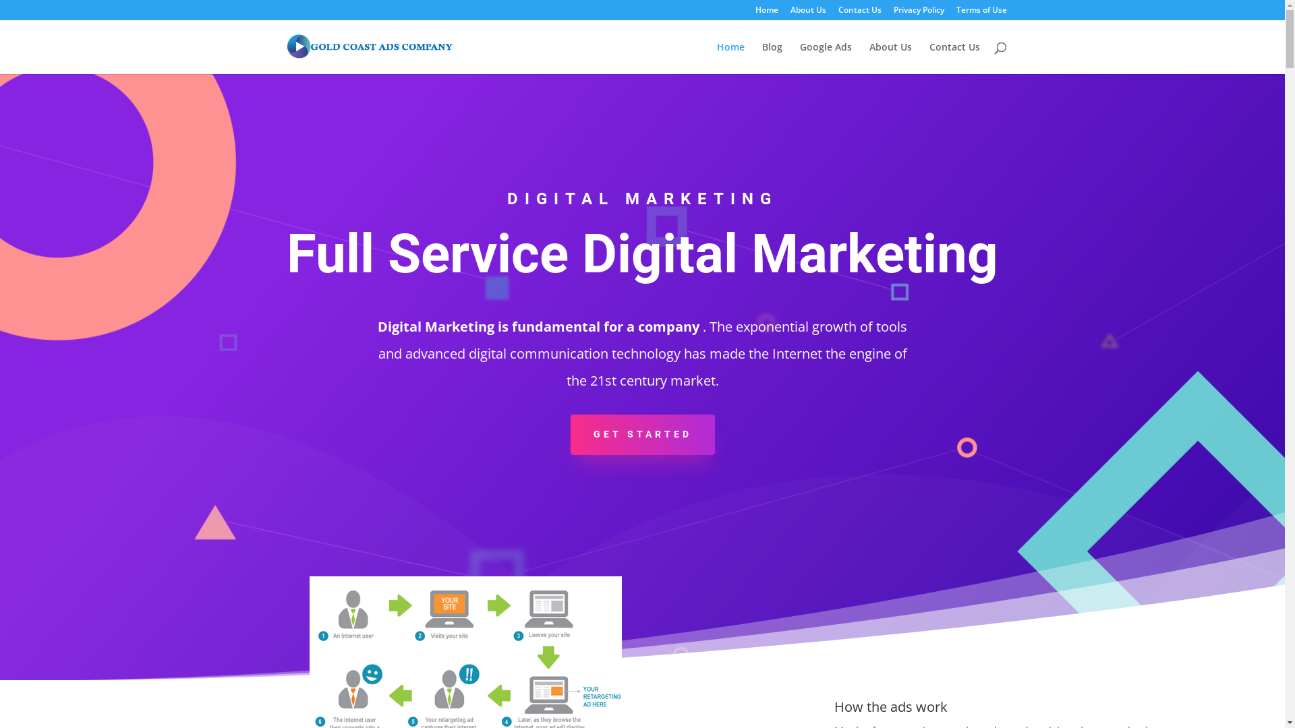 This screenshot has height=728, width=1295. I want to click on 'GET STARTED', so click(642, 434).